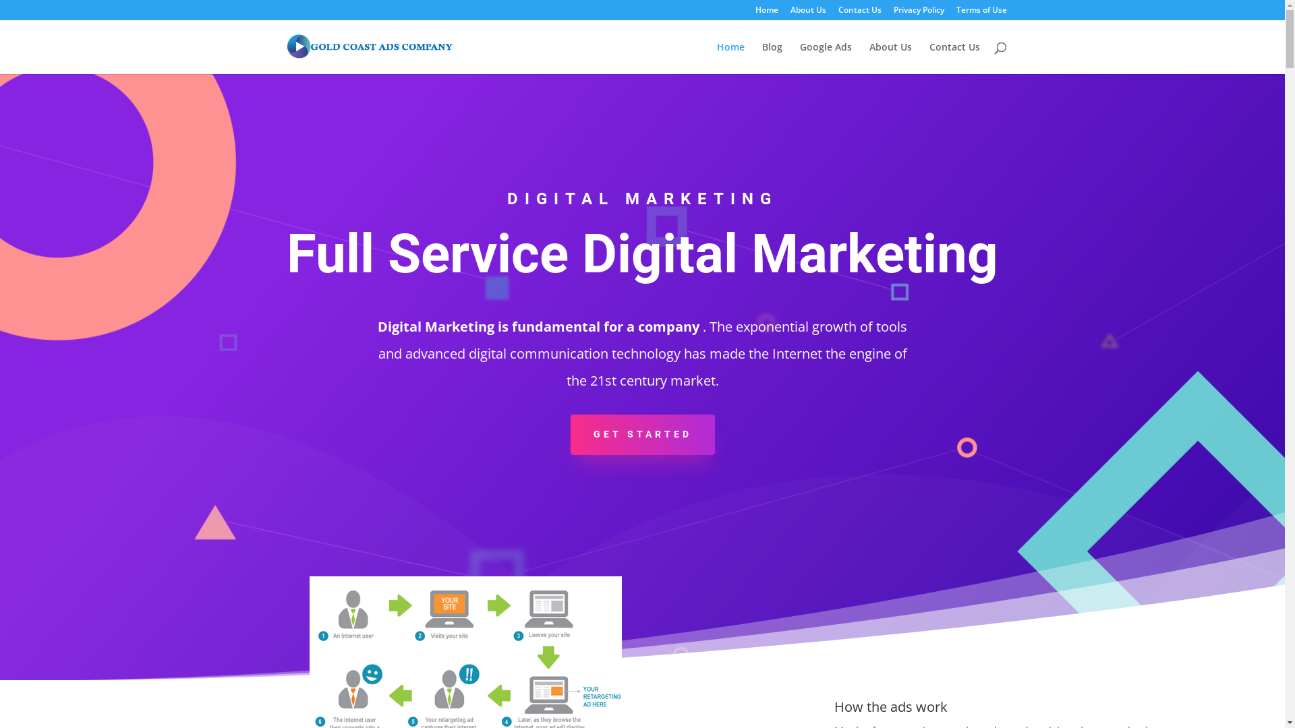 This screenshot has height=728, width=1295. I want to click on 'GET STARTED', so click(642, 434).